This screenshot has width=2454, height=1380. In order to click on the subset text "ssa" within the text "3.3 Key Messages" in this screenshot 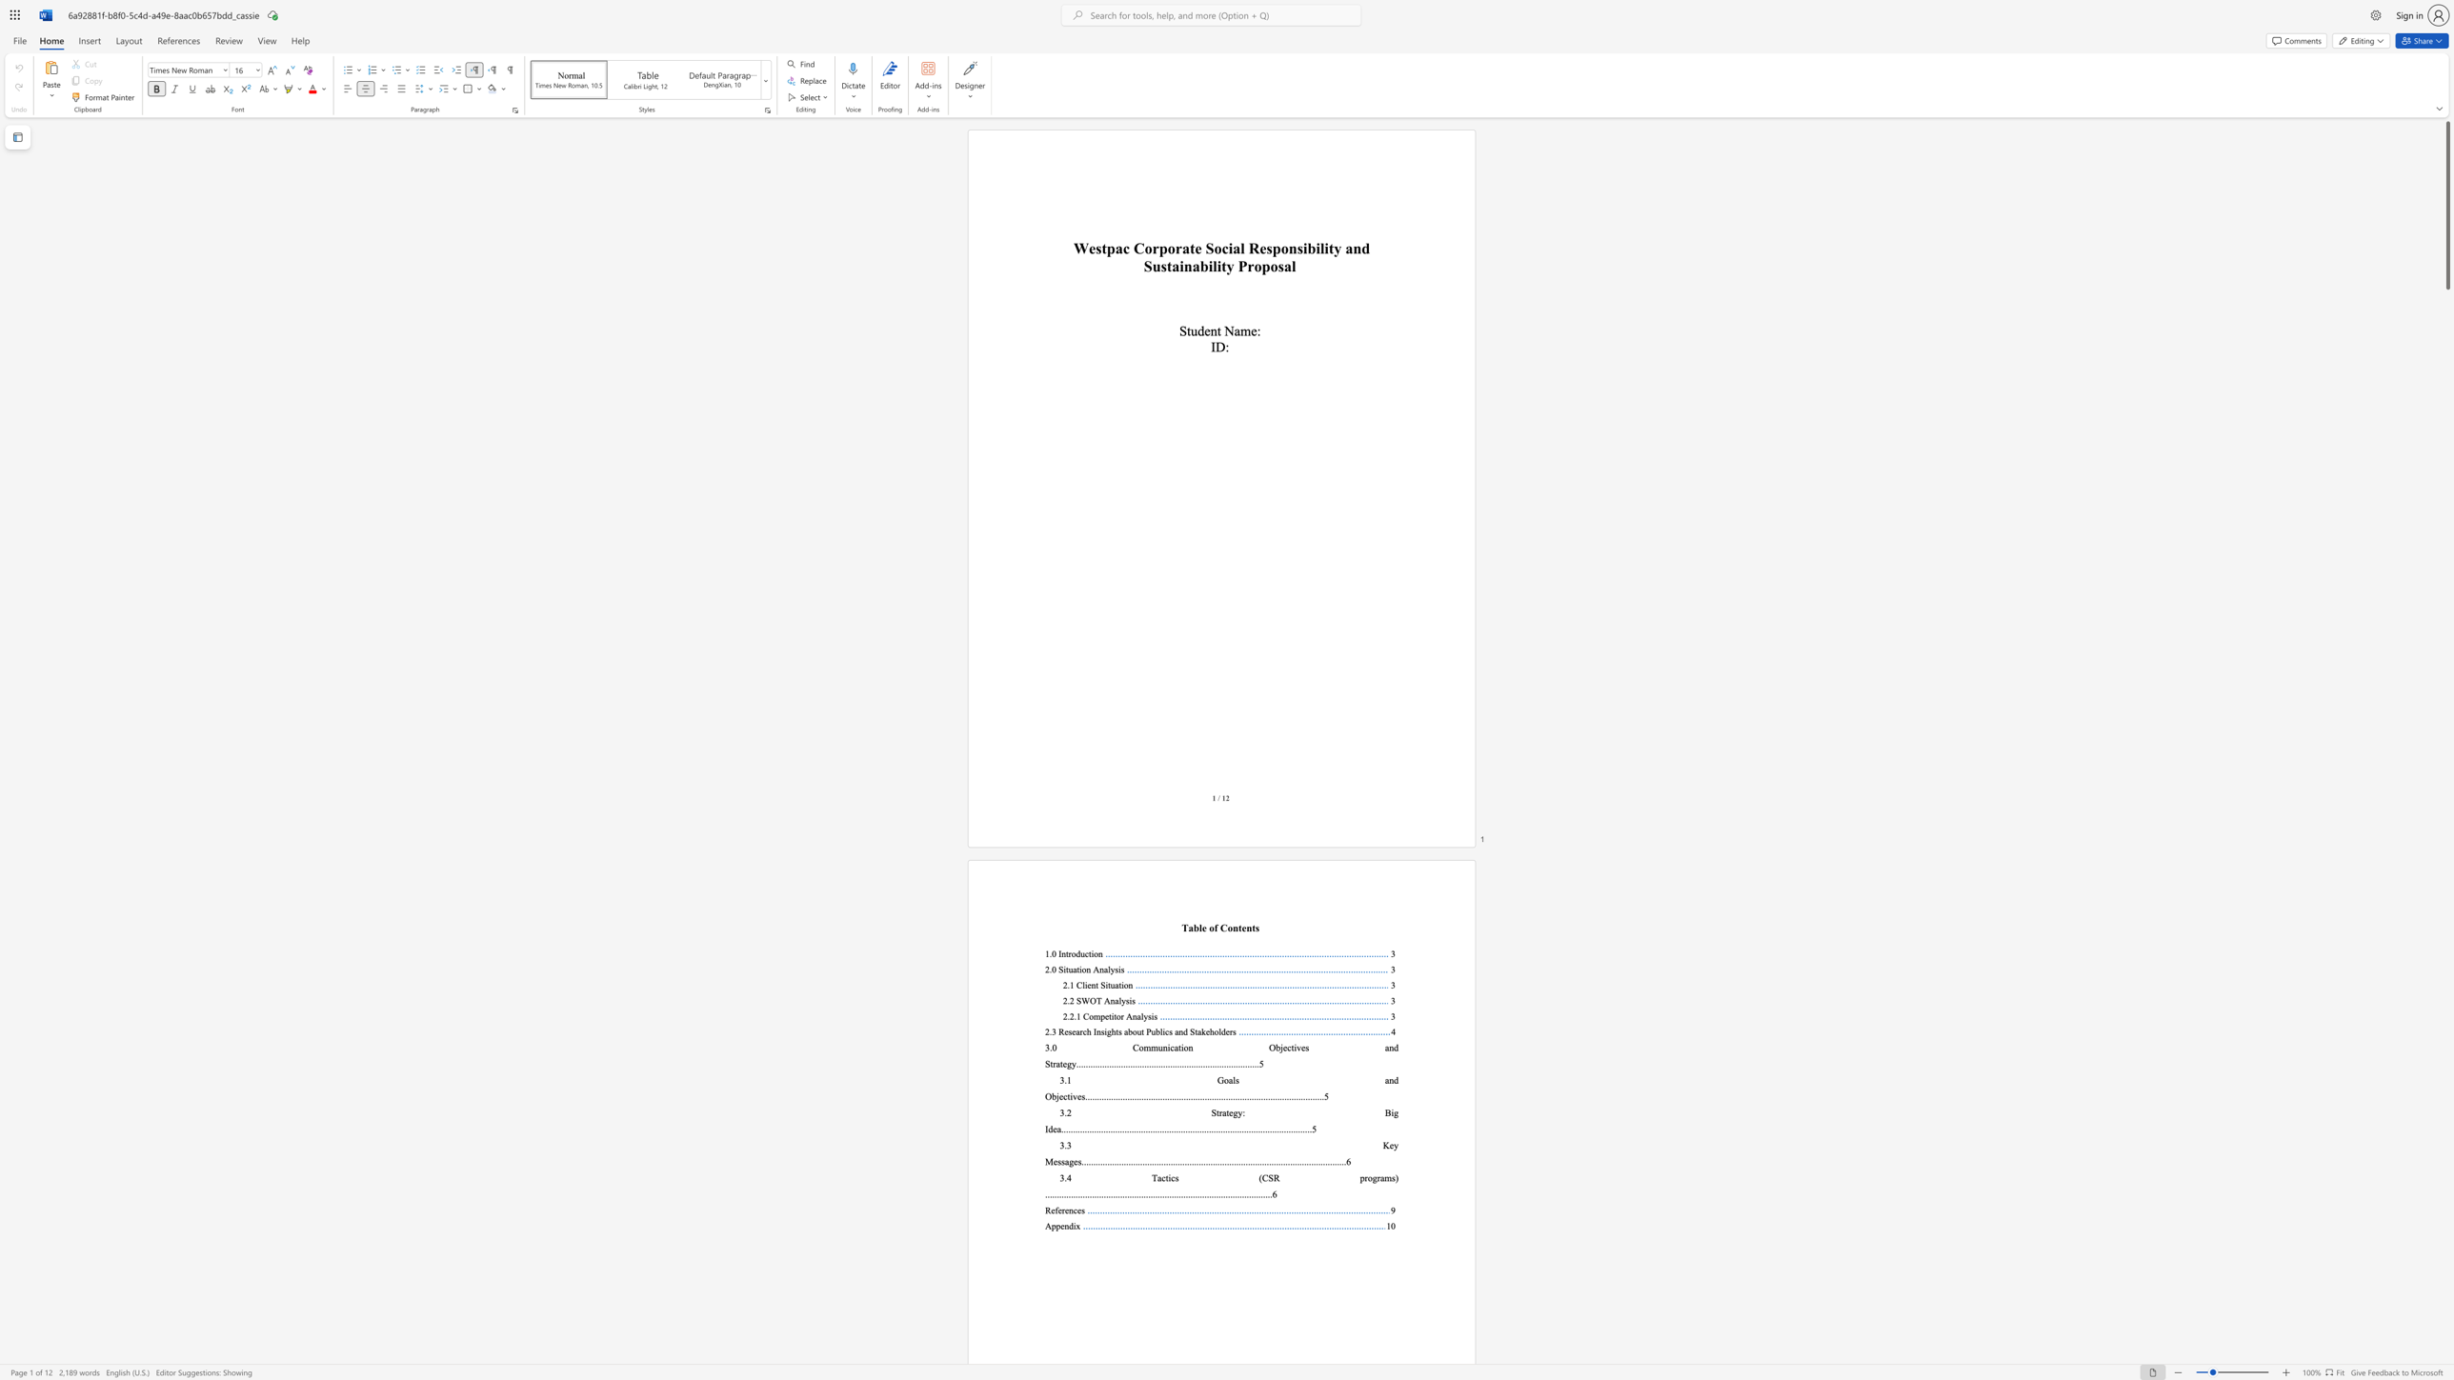, I will do `click(1057, 1161)`.